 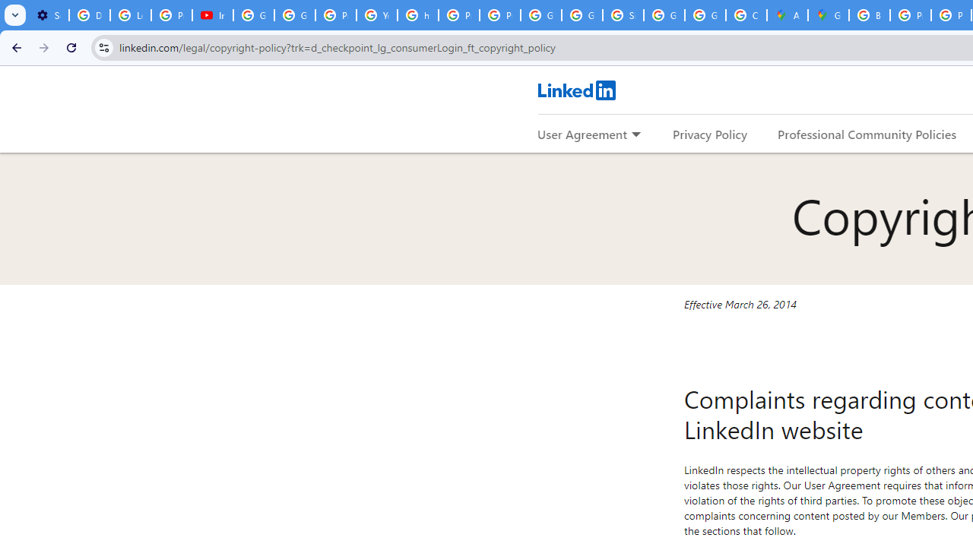 What do you see at coordinates (582, 133) in the screenshot?
I see `'User Agreement'` at bounding box center [582, 133].